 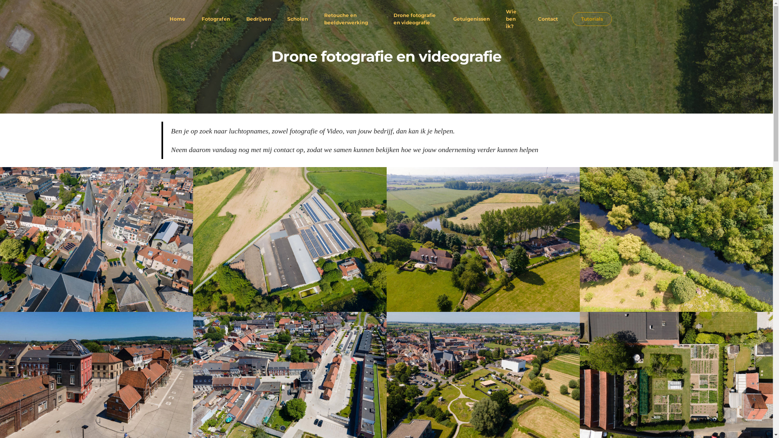 I want to click on 'Getuigenissen', so click(x=471, y=18).